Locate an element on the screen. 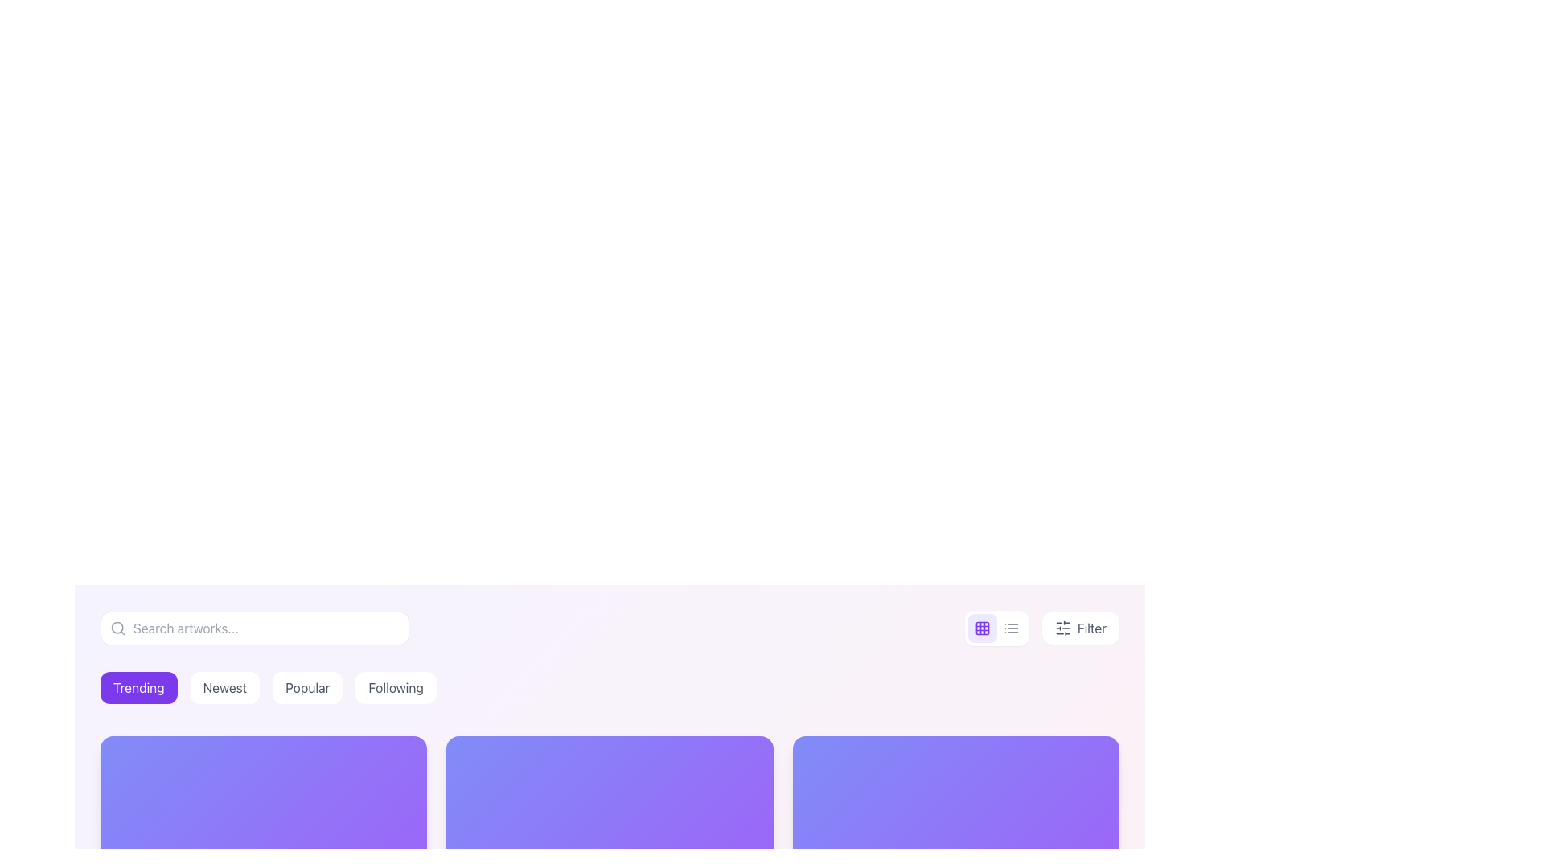 This screenshot has width=1544, height=868. the toggle button located in the top-right corner of the interface to change the display layout from grid format to list format is located at coordinates (1010, 628).